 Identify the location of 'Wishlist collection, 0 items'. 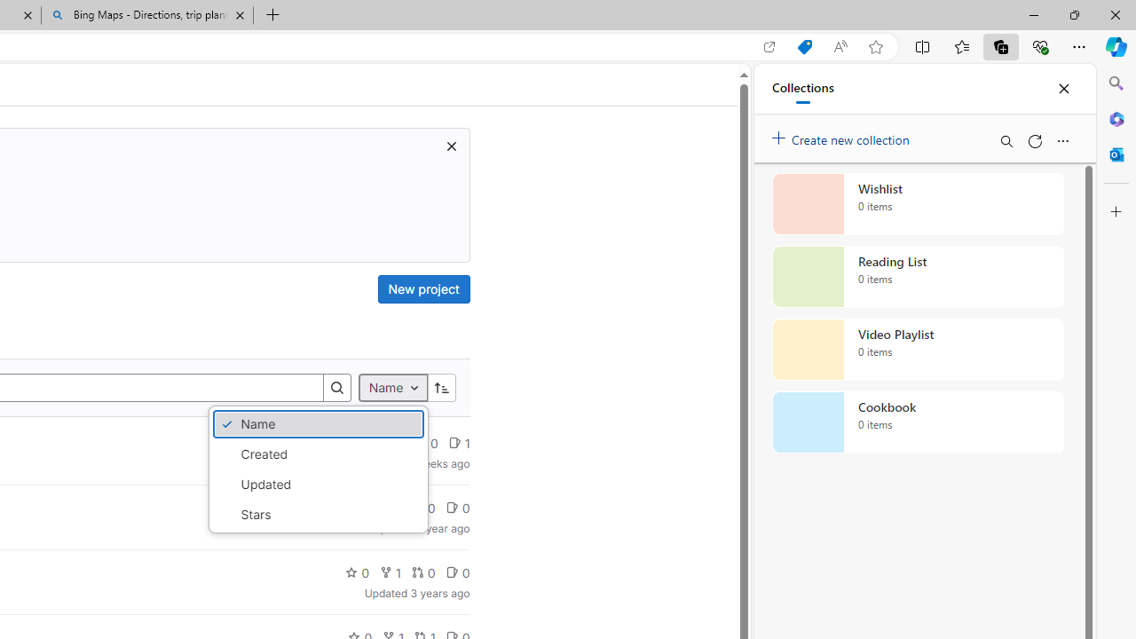
(918, 203).